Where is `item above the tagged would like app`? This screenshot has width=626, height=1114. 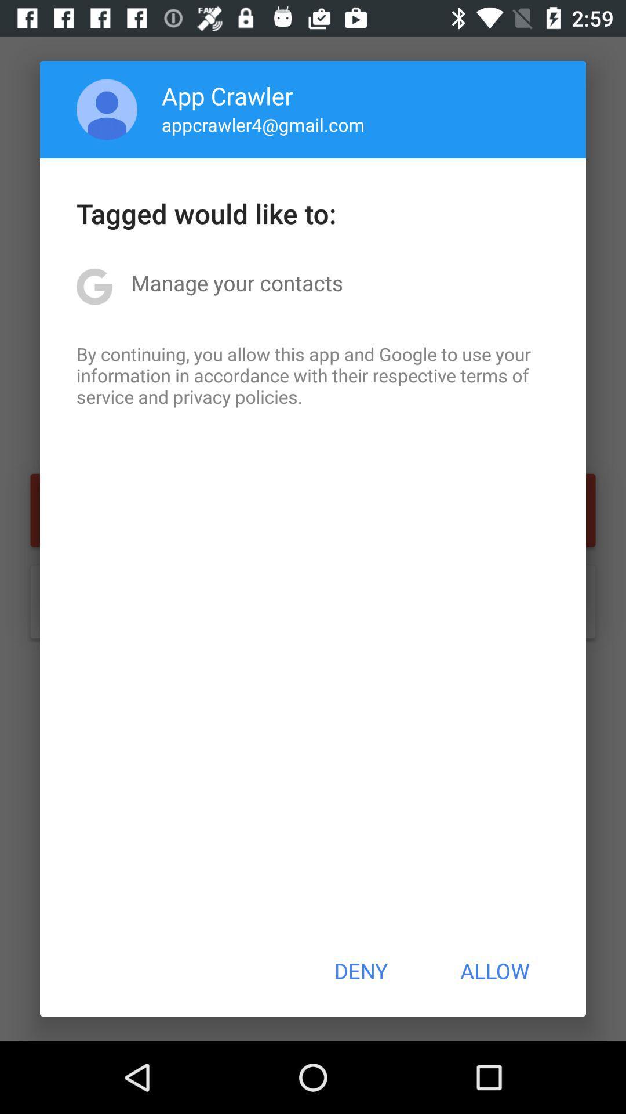
item above the tagged would like app is located at coordinates (107, 109).